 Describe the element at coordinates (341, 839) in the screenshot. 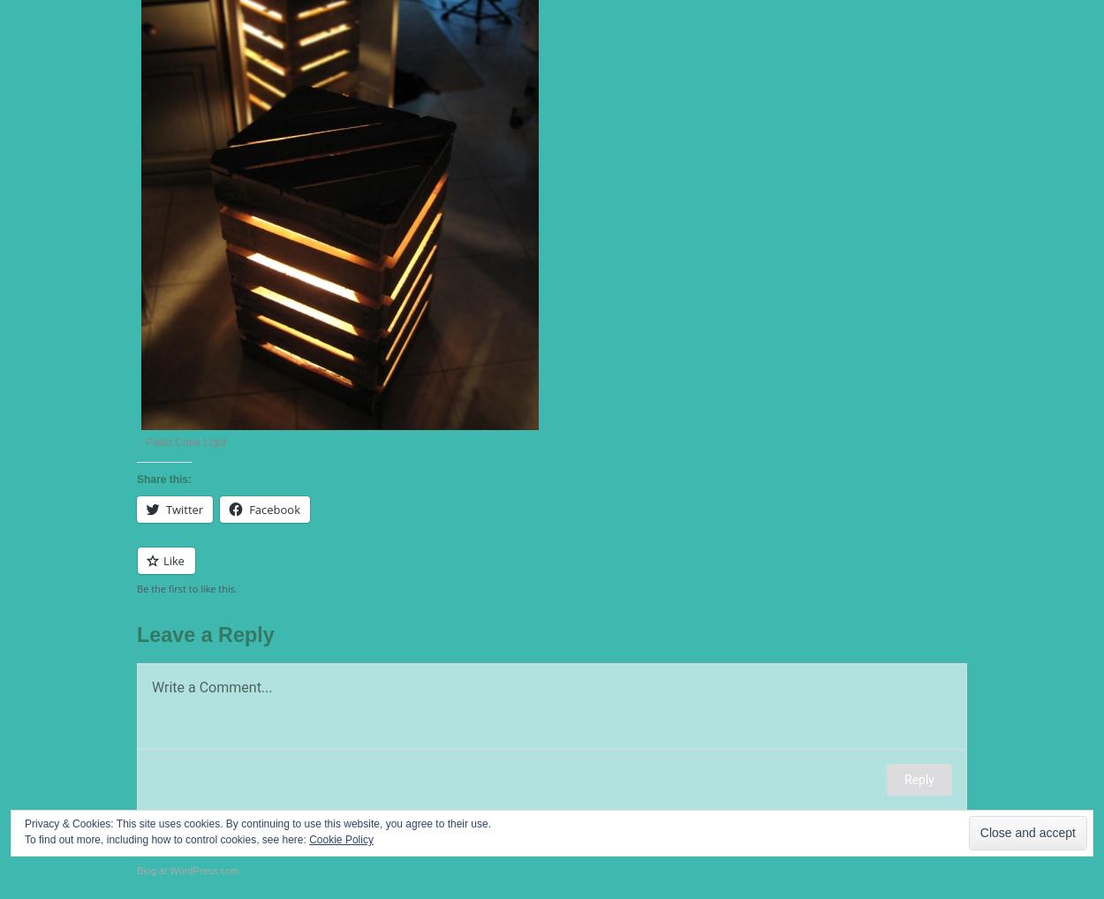

I see `'Cookie Policy'` at that location.